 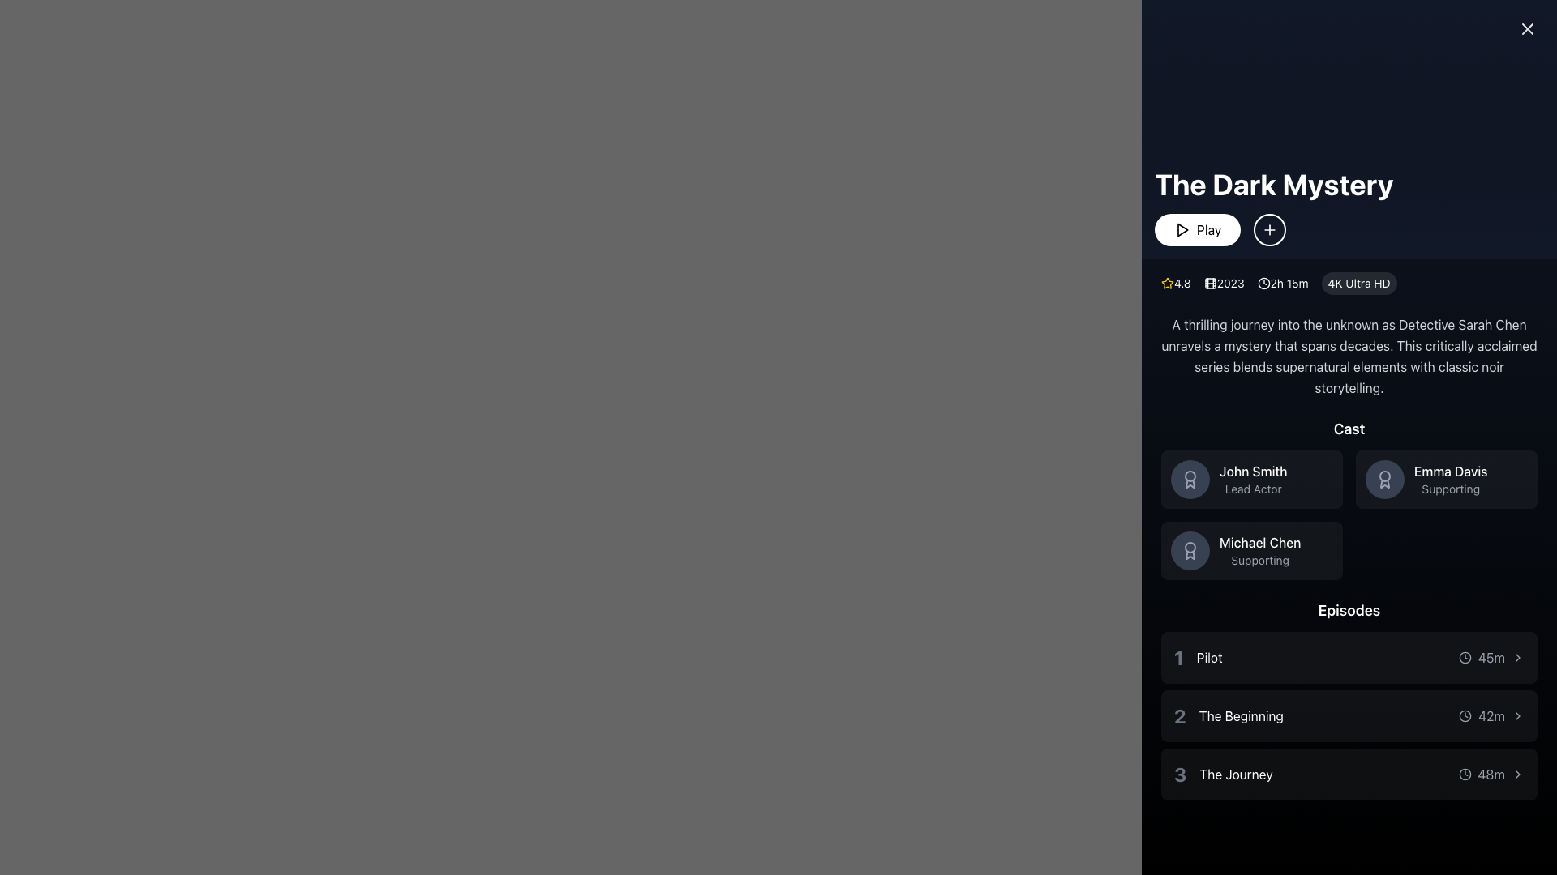 What do you see at coordinates (1526, 28) in the screenshot?
I see `the close icon represented by an 'X' in the top-right corner of the interface` at bounding box center [1526, 28].